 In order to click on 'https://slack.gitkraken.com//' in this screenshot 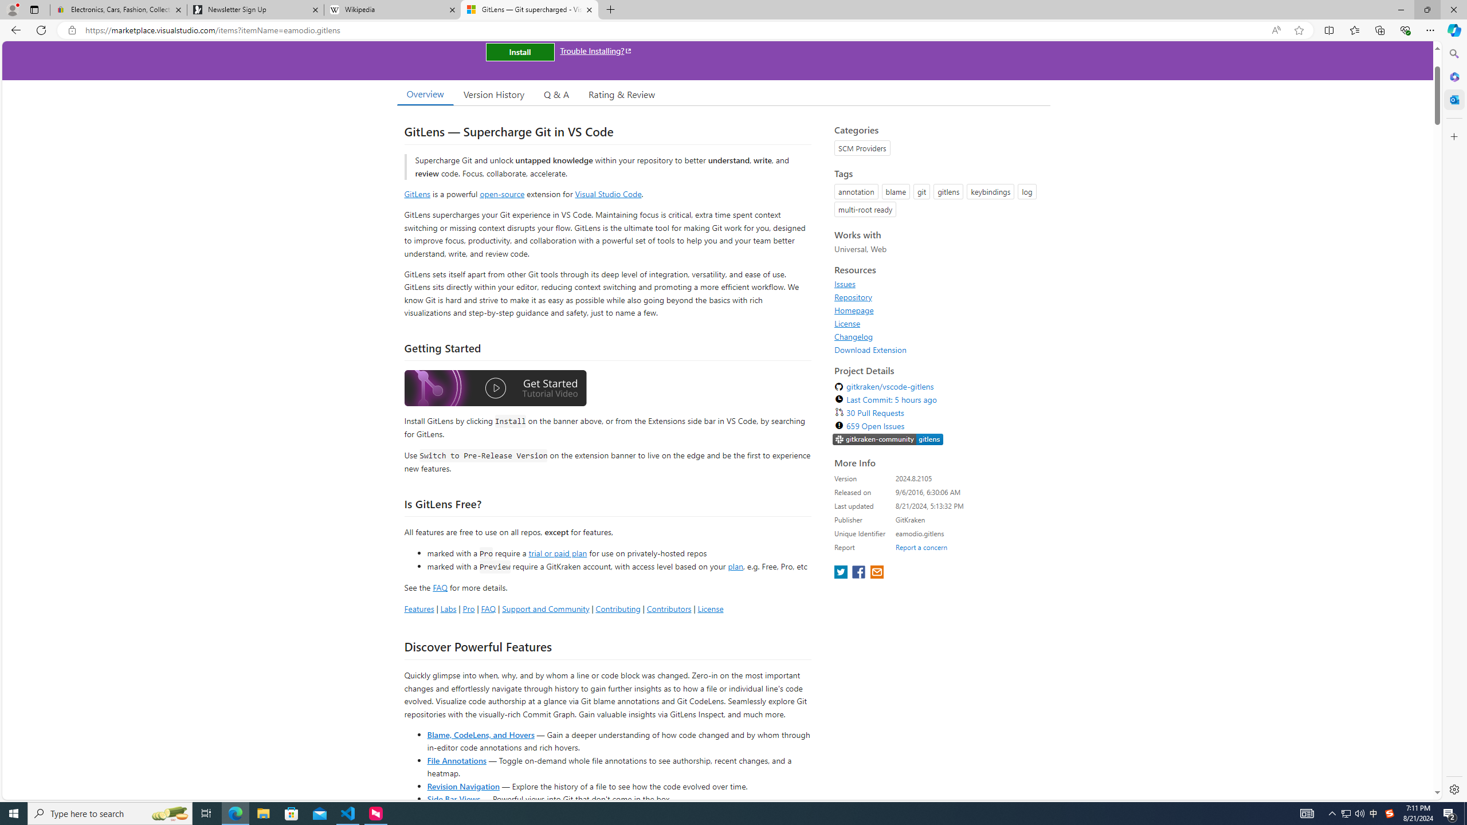, I will do `click(888, 439)`.